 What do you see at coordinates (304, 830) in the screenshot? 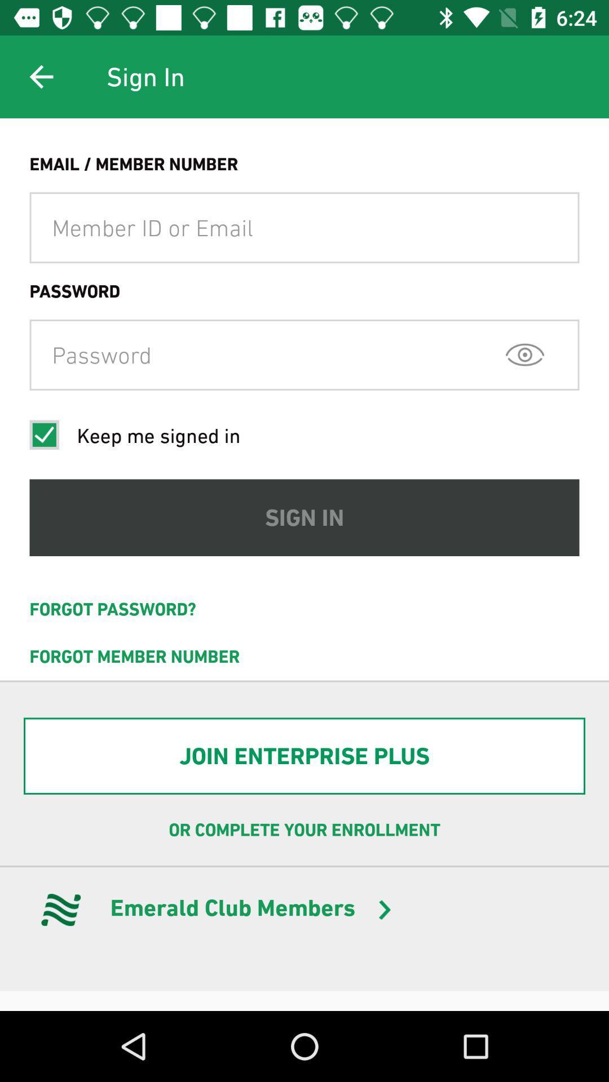
I see `the or complete your` at bounding box center [304, 830].